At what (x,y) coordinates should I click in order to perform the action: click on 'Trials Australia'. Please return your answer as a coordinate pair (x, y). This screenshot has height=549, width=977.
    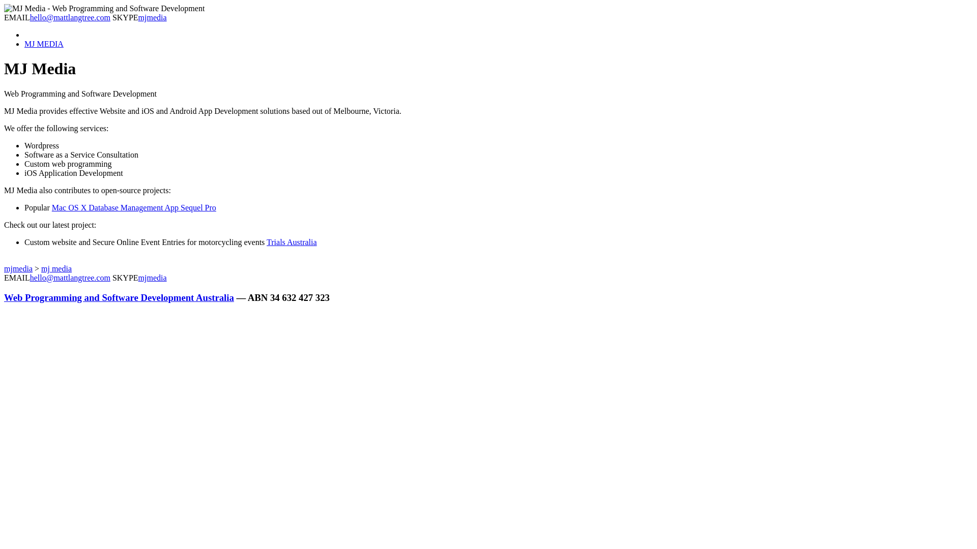
    Looking at the image, I should click on (291, 242).